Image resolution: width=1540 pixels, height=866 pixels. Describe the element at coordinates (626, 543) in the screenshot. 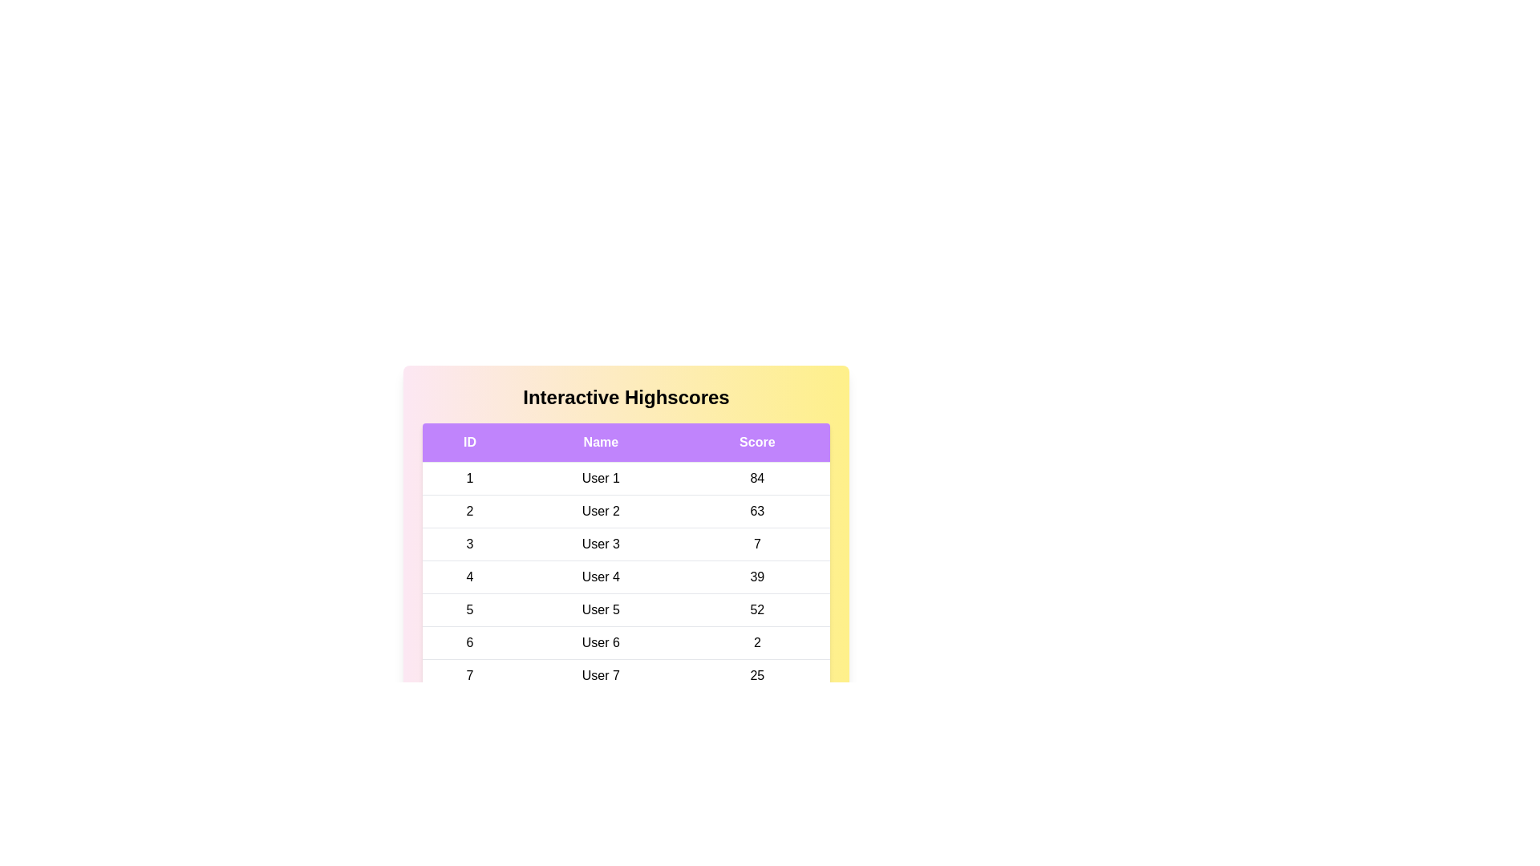

I see `the row corresponding to 3` at that location.